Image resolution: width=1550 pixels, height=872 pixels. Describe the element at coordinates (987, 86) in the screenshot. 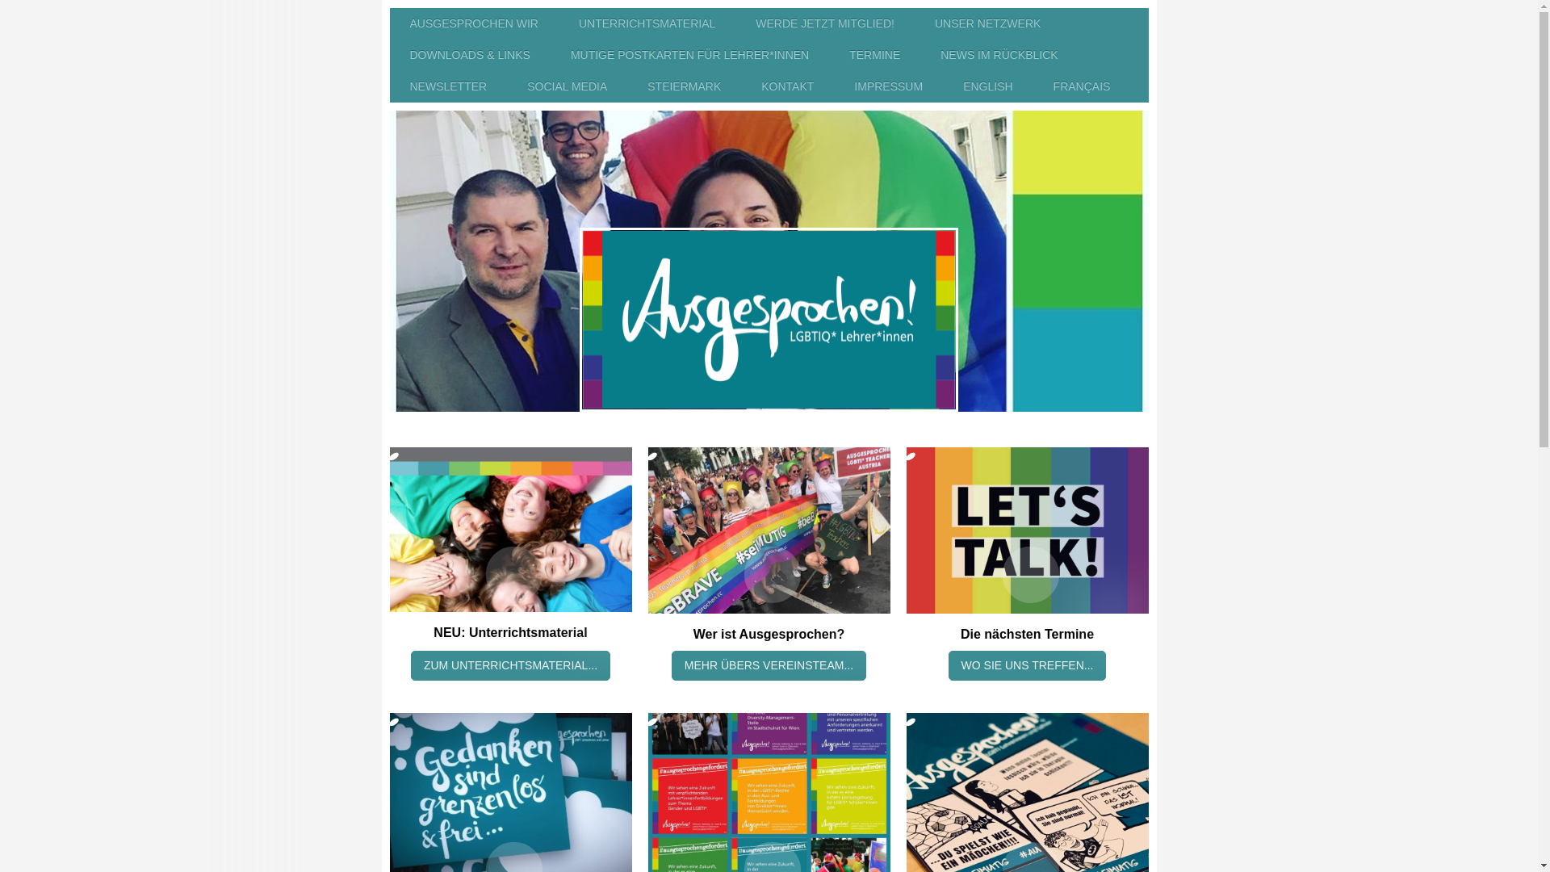

I see `'ENGLISH'` at that location.